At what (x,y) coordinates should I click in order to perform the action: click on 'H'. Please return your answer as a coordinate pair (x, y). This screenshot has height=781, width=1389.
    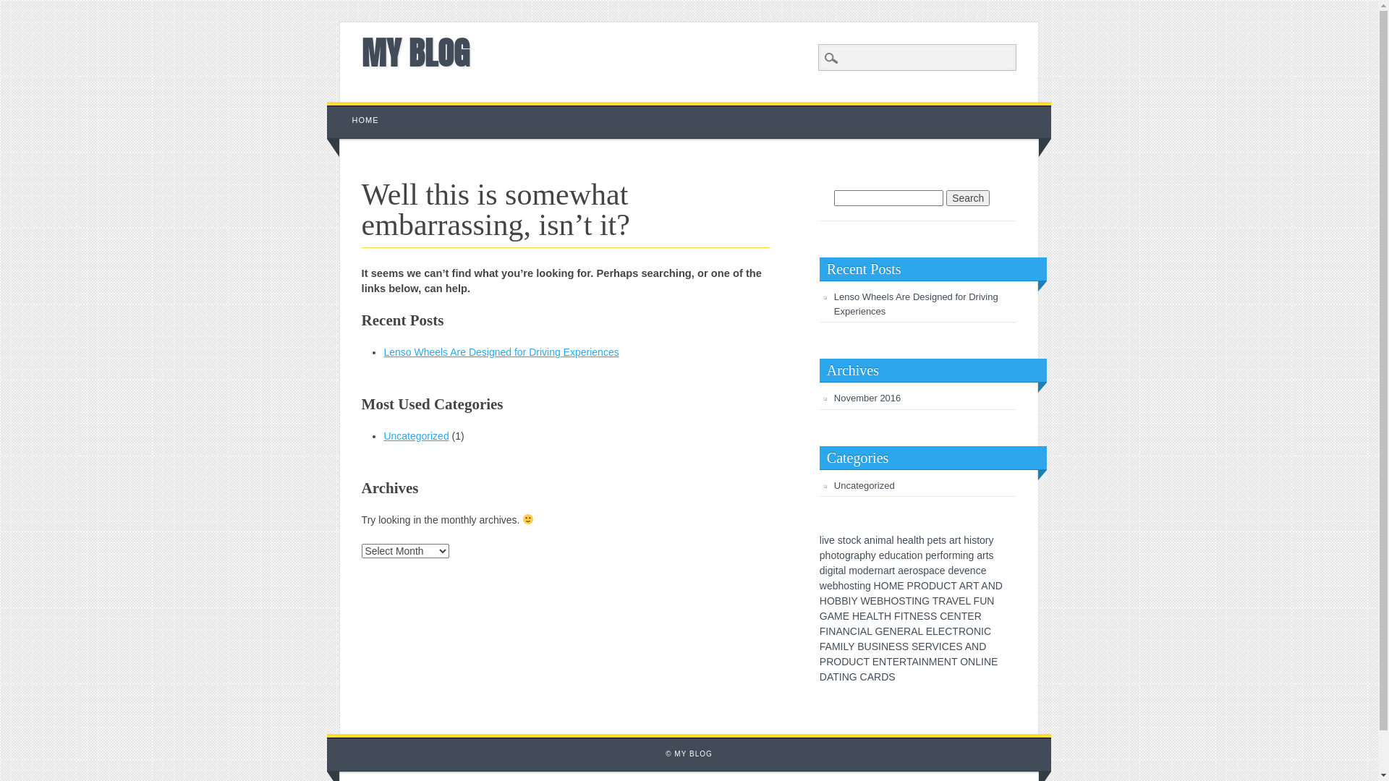
    Looking at the image, I should click on (819, 600).